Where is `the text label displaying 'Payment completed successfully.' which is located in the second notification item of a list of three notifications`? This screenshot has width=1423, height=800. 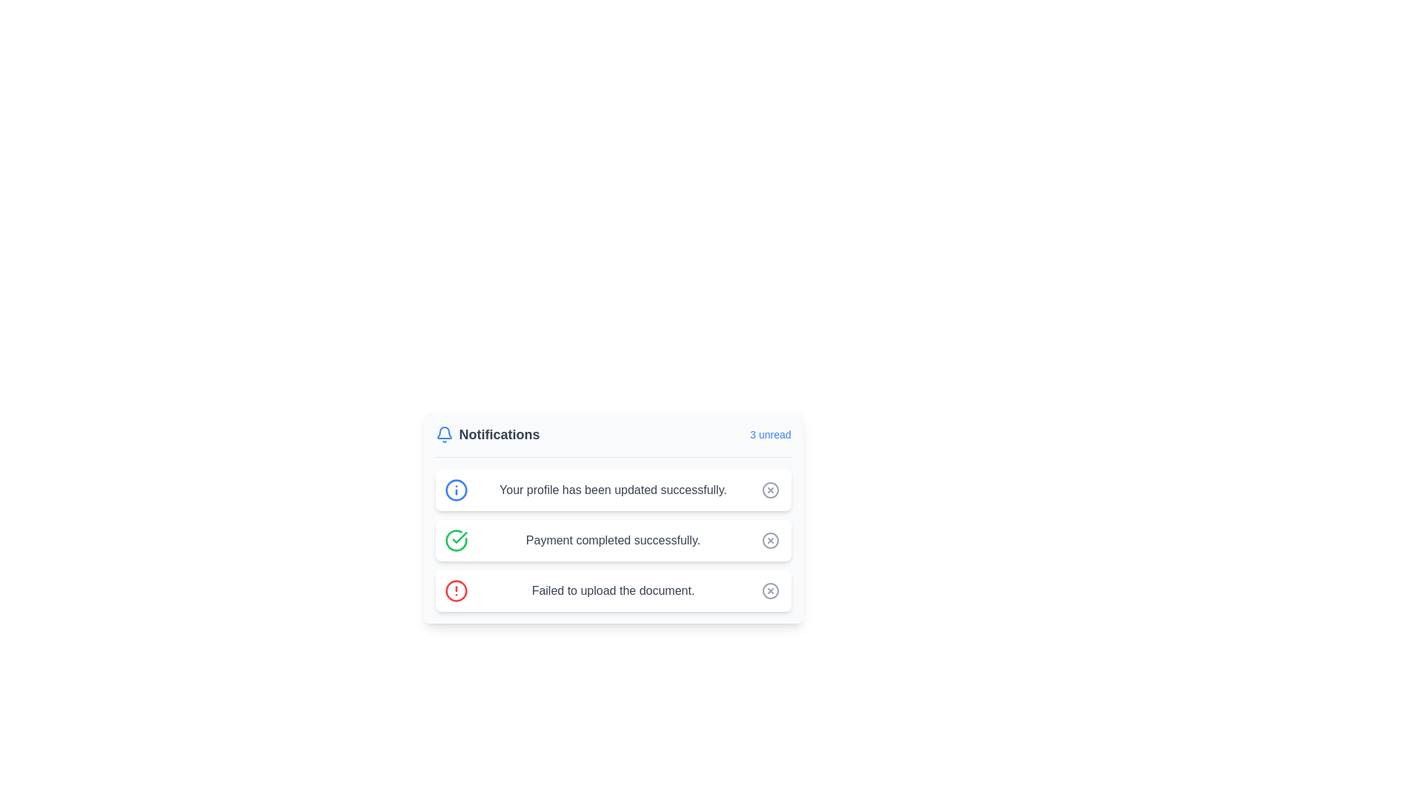 the text label displaying 'Payment completed successfully.' which is located in the second notification item of a list of three notifications is located at coordinates (613, 540).